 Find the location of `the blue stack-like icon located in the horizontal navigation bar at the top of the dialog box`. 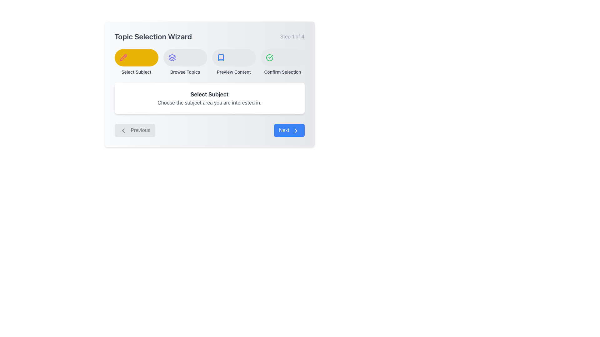

the blue stack-like icon located in the horizontal navigation bar at the top of the dialog box is located at coordinates (172, 58).